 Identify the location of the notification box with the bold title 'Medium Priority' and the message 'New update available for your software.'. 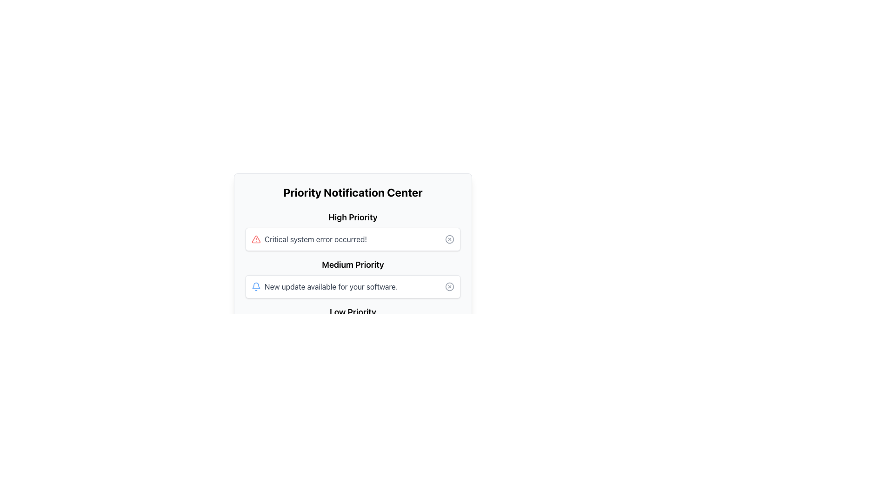
(352, 277).